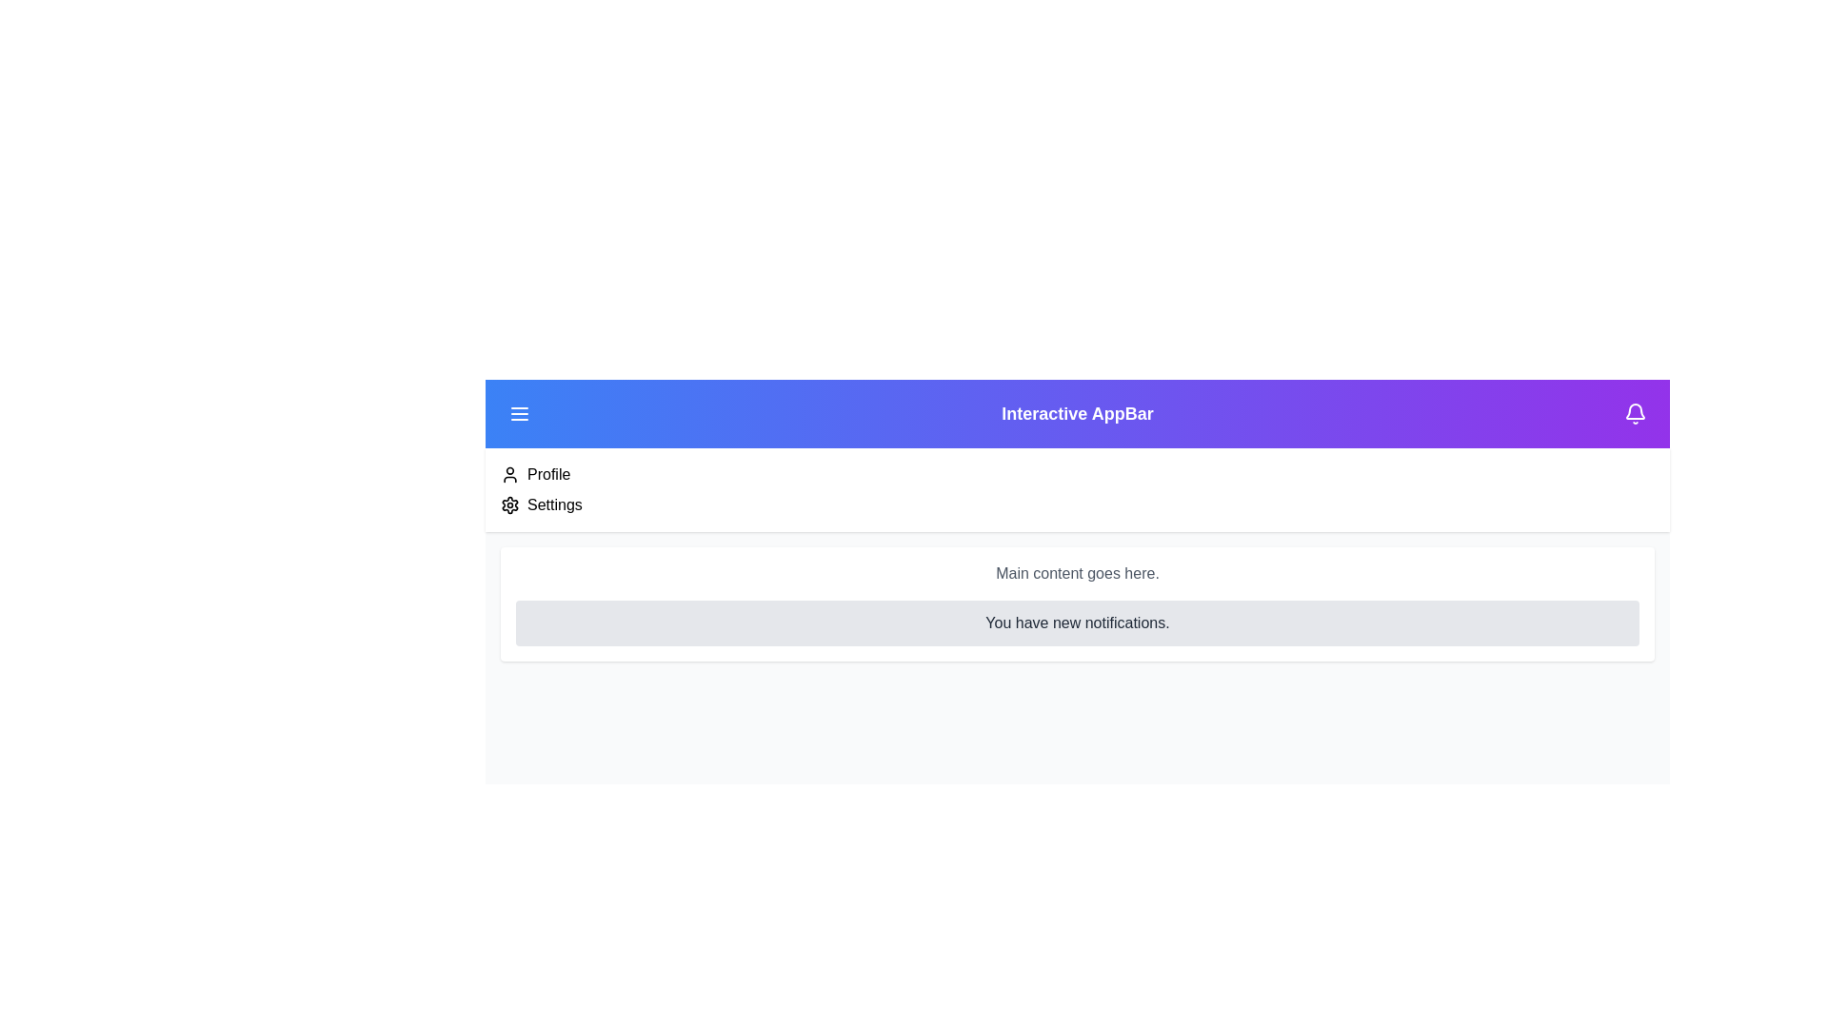 Image resolution: width=1828 pixels, height=1028 pixels. Describe the element at coordinates (1078, 623) in the screenshot. I see `the notification message to acknowledge it` at that location.